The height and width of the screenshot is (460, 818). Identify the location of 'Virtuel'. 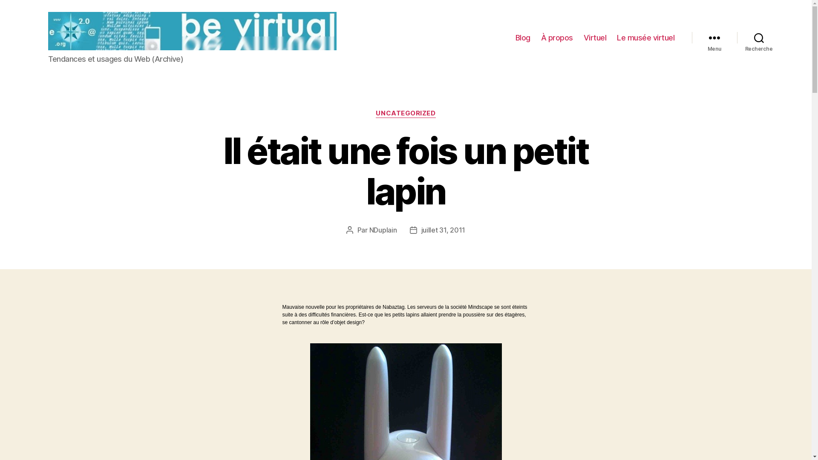
(583, 37).